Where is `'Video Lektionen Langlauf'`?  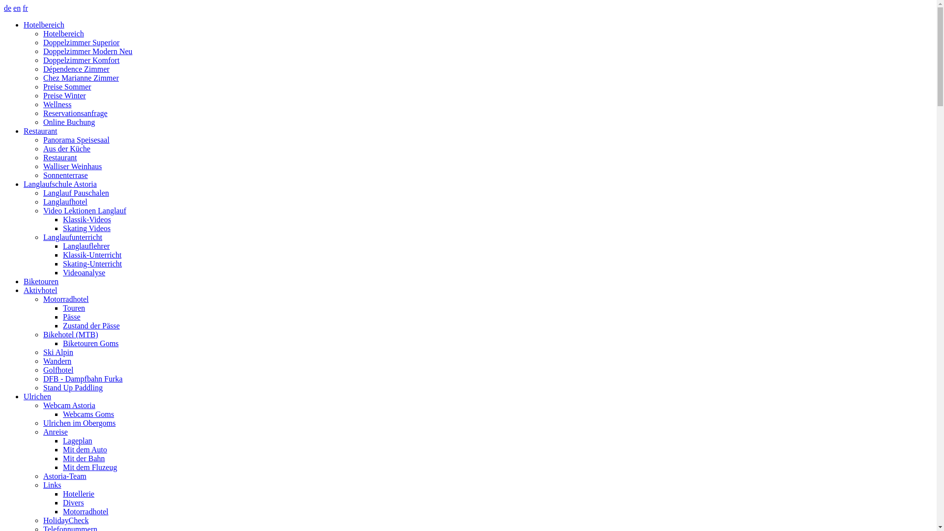
'Video Lektionen Langlauf' is located at coordinates (85, 210).